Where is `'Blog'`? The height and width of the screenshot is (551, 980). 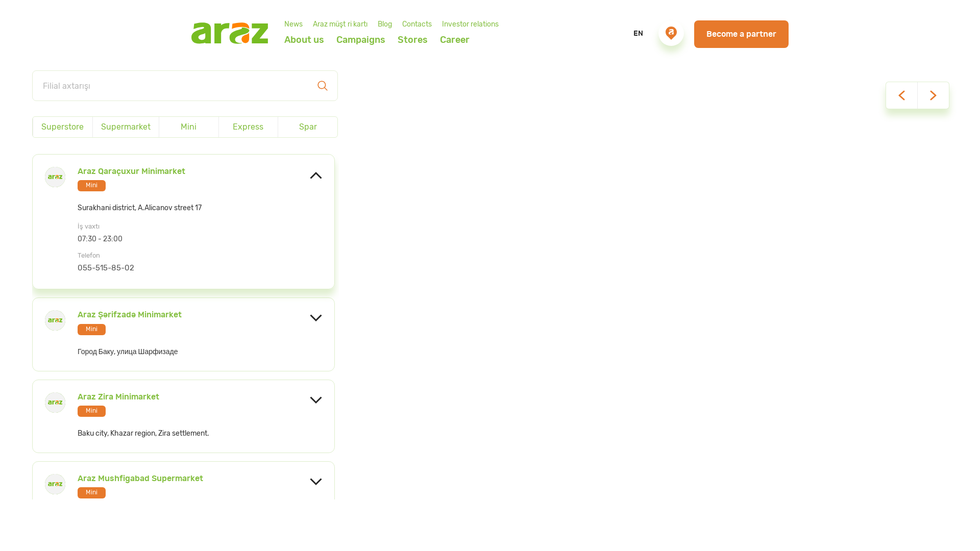 'Blog' is located at coordinates (384, 23).